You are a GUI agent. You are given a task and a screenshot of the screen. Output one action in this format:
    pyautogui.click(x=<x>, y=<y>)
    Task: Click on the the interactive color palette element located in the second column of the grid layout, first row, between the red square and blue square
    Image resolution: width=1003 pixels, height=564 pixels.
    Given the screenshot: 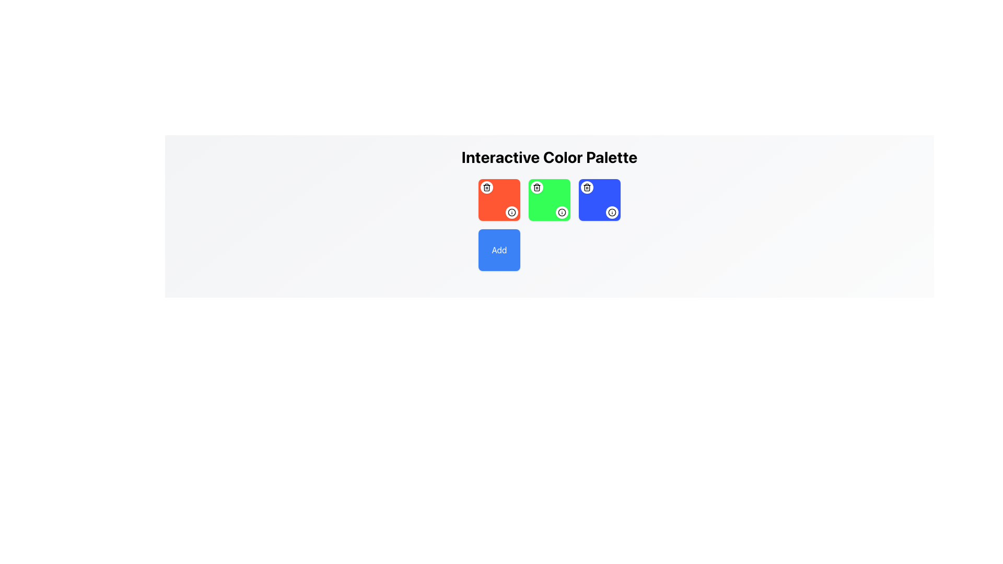 What is the action you would take?
    pyautogui.click(x=549, y=199)
    